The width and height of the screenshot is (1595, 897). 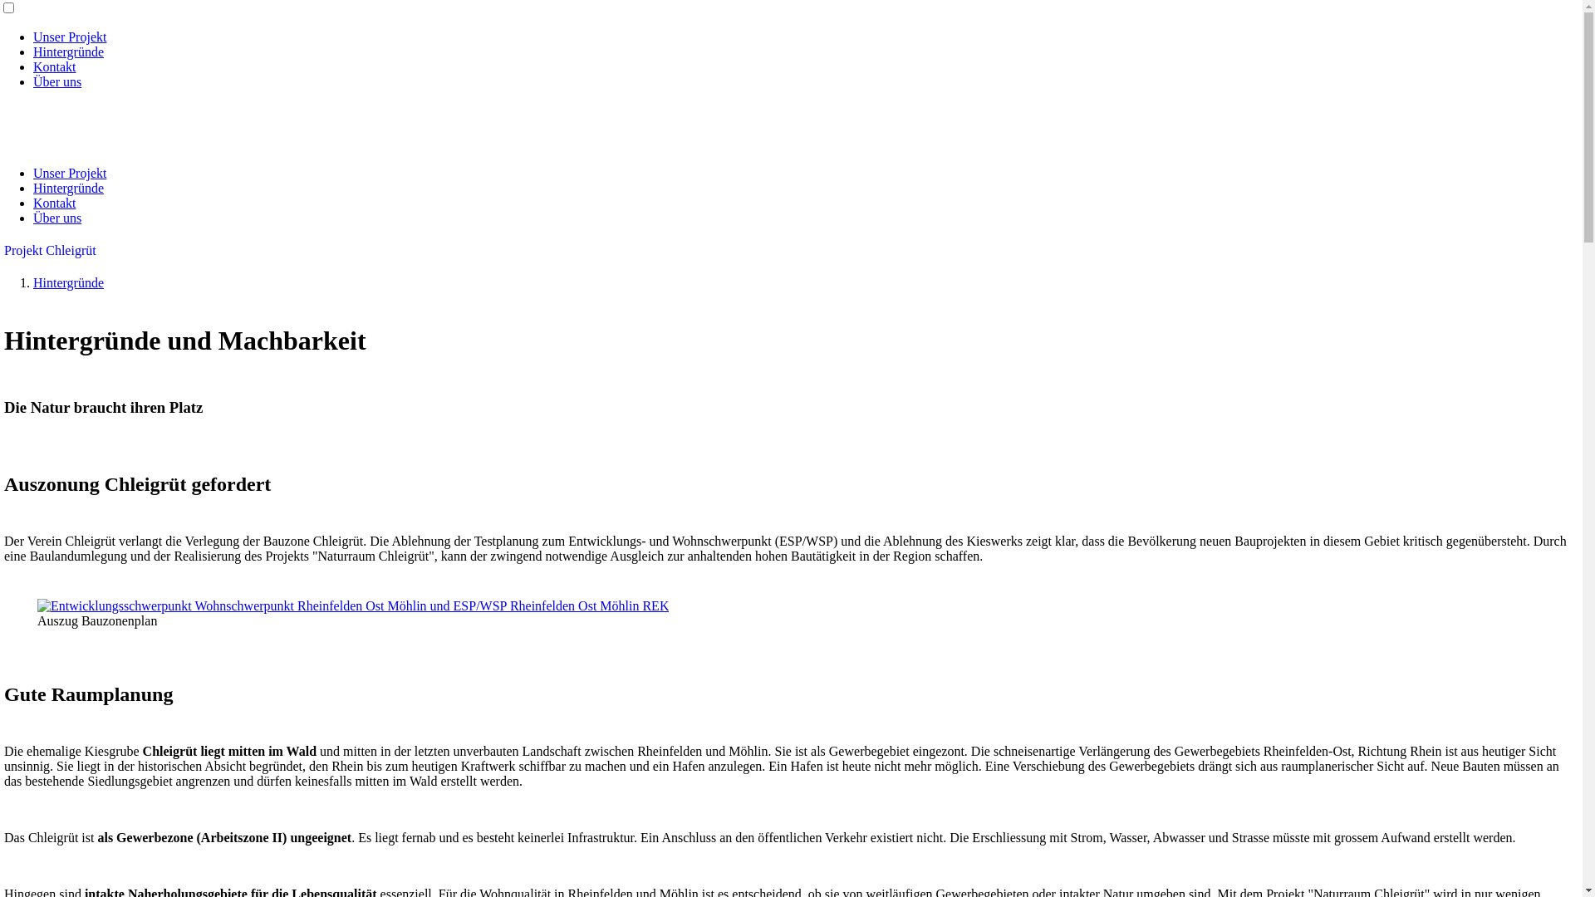 What do you see at coordinates (68, 37) in the screenshot?
I see `'Unser Projekt'` at bounding box center [68, 37].